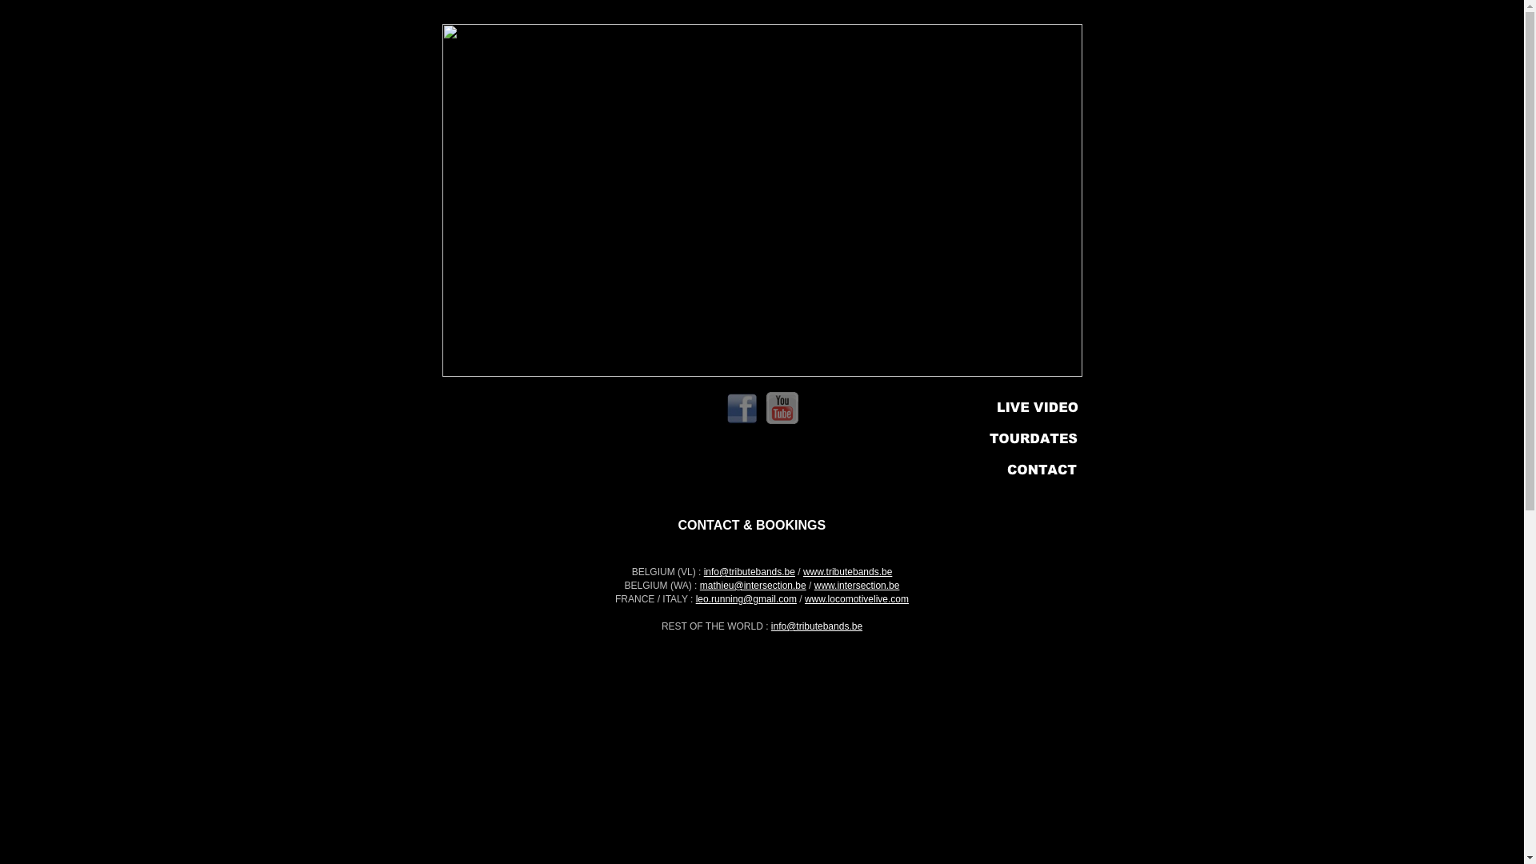 Image resolution: width=1536 pixels, height=864 pixels. I want to click on 'www.intersection.be', so click(856, 586).